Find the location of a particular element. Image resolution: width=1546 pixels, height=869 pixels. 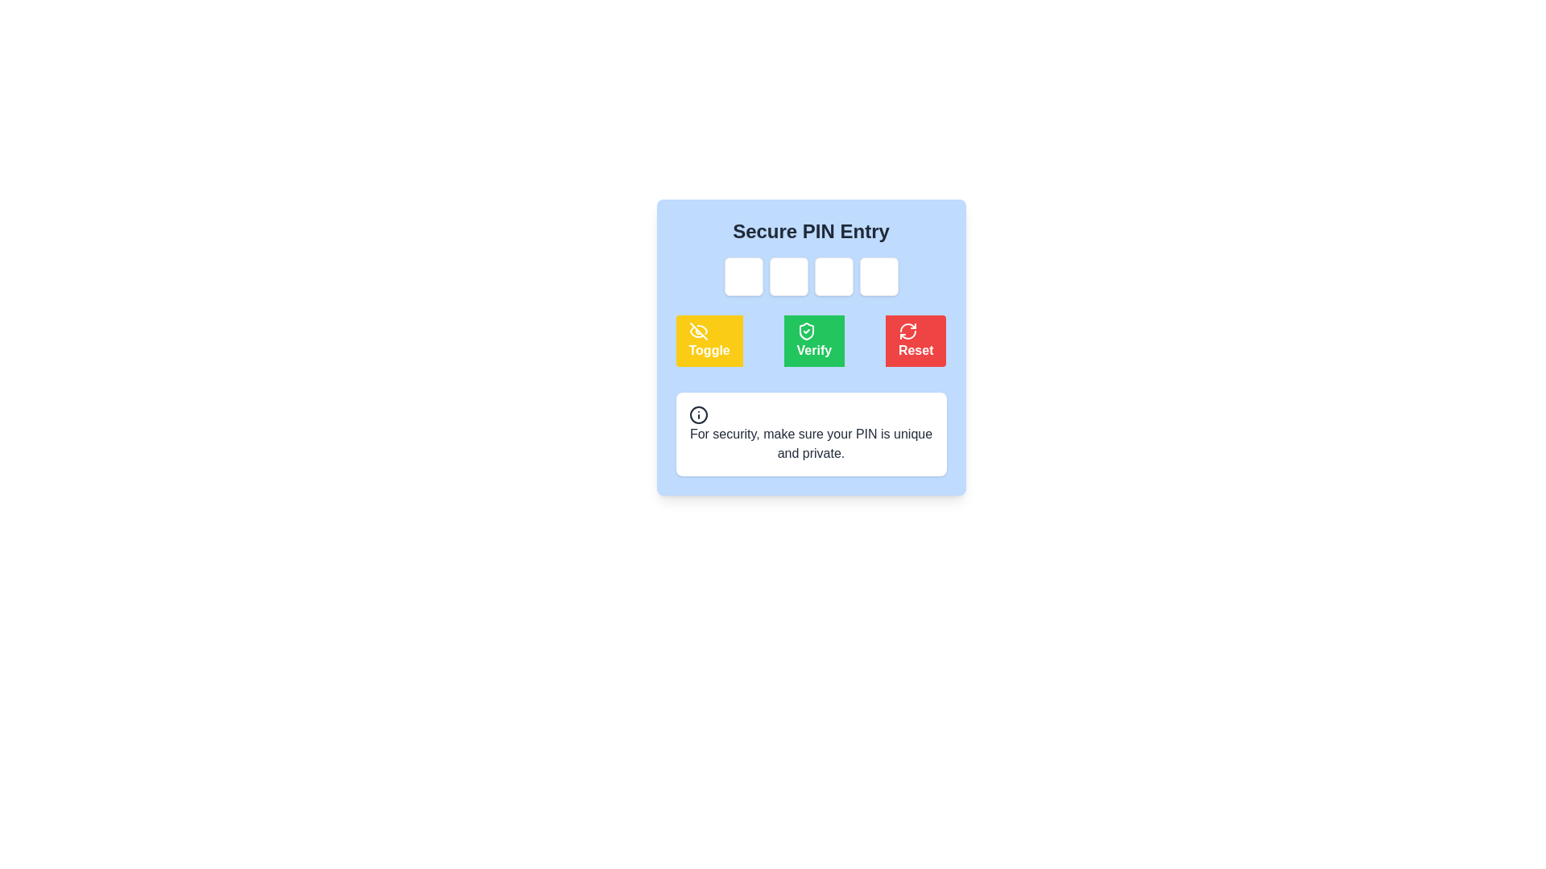

the Informational icon (SVG) which is a circular icon with an outlined circle and a centered dot, located to the left of the message 'For security, make sure your PIN is unique and private.' is located at coordinates (698, 414).